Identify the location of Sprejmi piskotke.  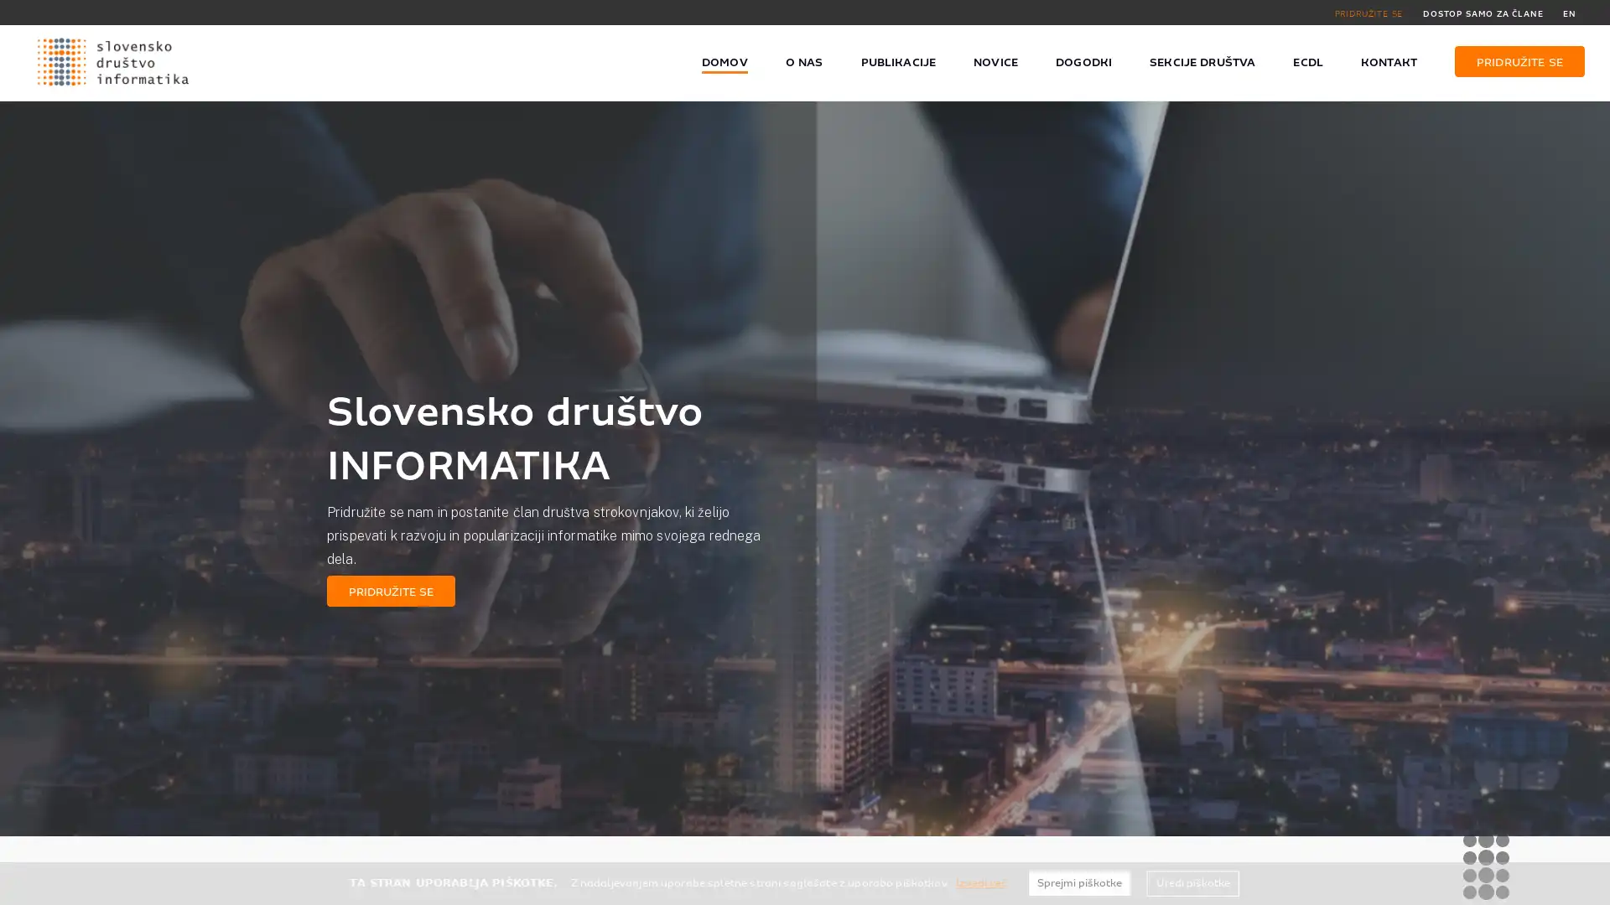
(1078, 882).